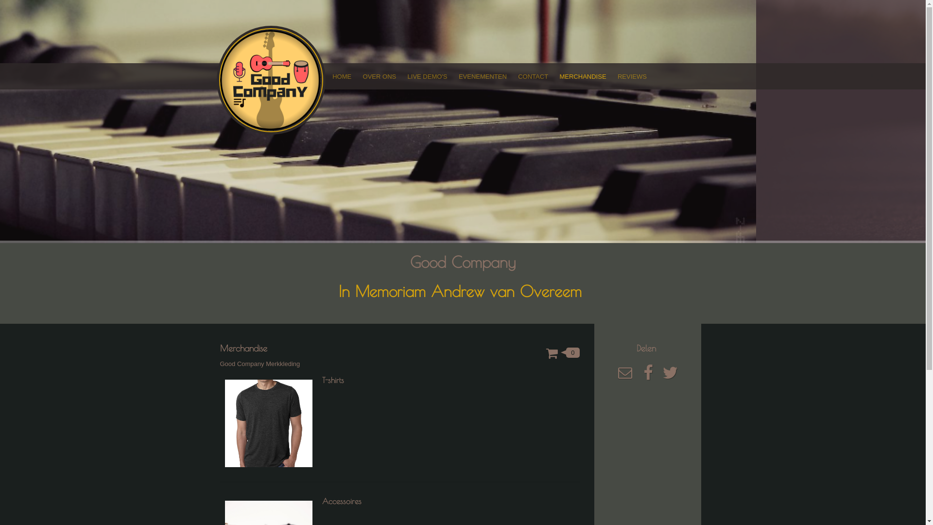  Describe the element at coordinates (401, 76) in the screenshot. I see `'LIVE DEMO'S'` at that location.